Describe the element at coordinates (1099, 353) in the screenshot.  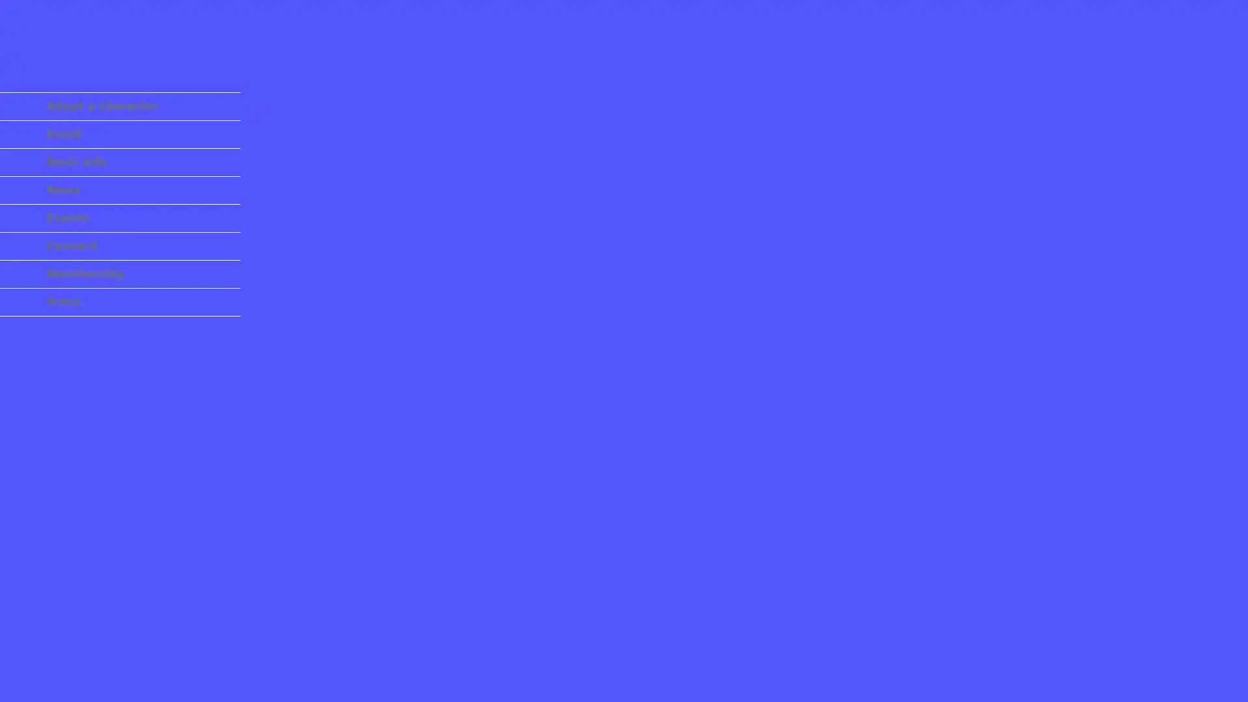
I see `U+201D` at that location.